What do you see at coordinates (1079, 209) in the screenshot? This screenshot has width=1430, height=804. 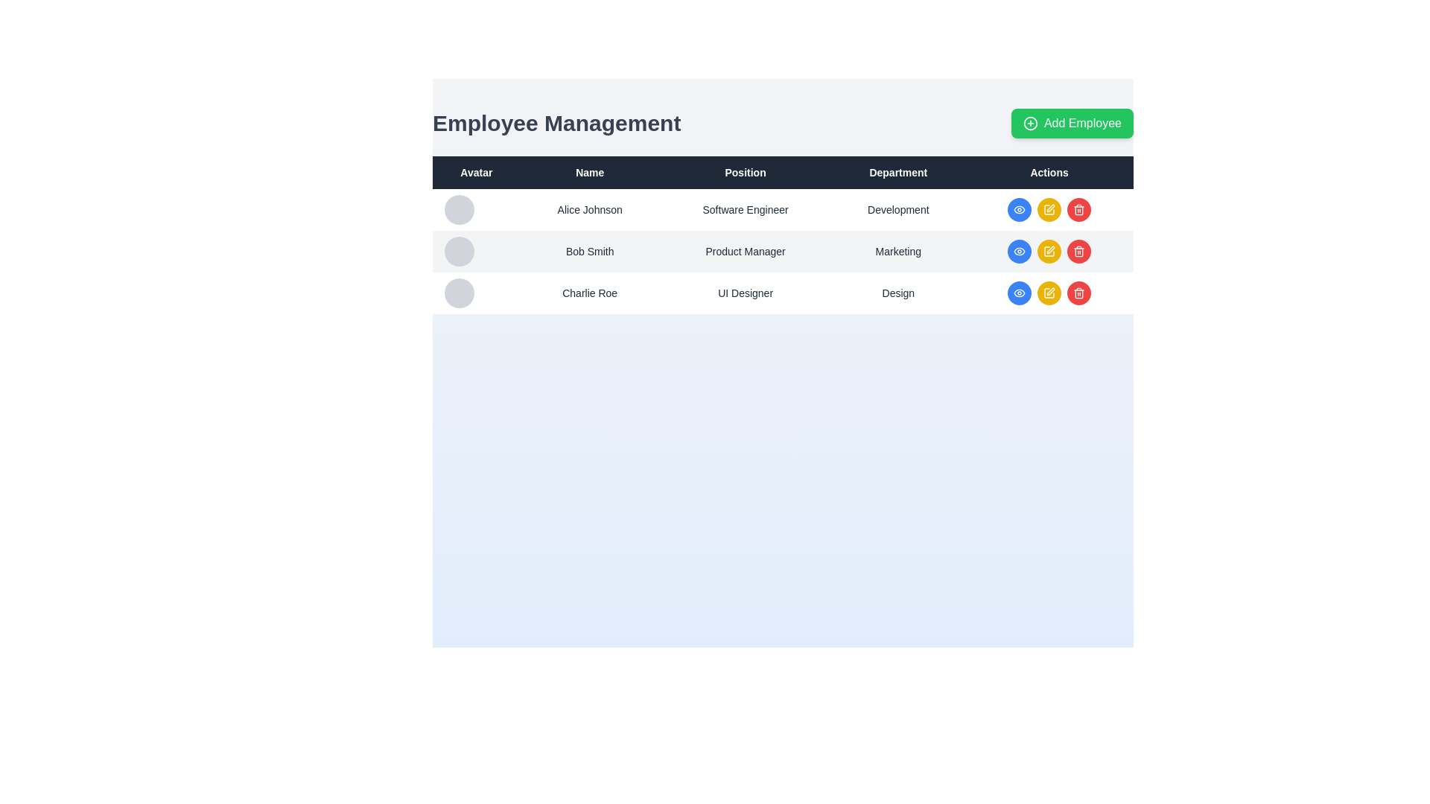 I see `the delete button located in the 'Actions' column of the first row under 'Employee Management'` at bounding box center [1079, 209].